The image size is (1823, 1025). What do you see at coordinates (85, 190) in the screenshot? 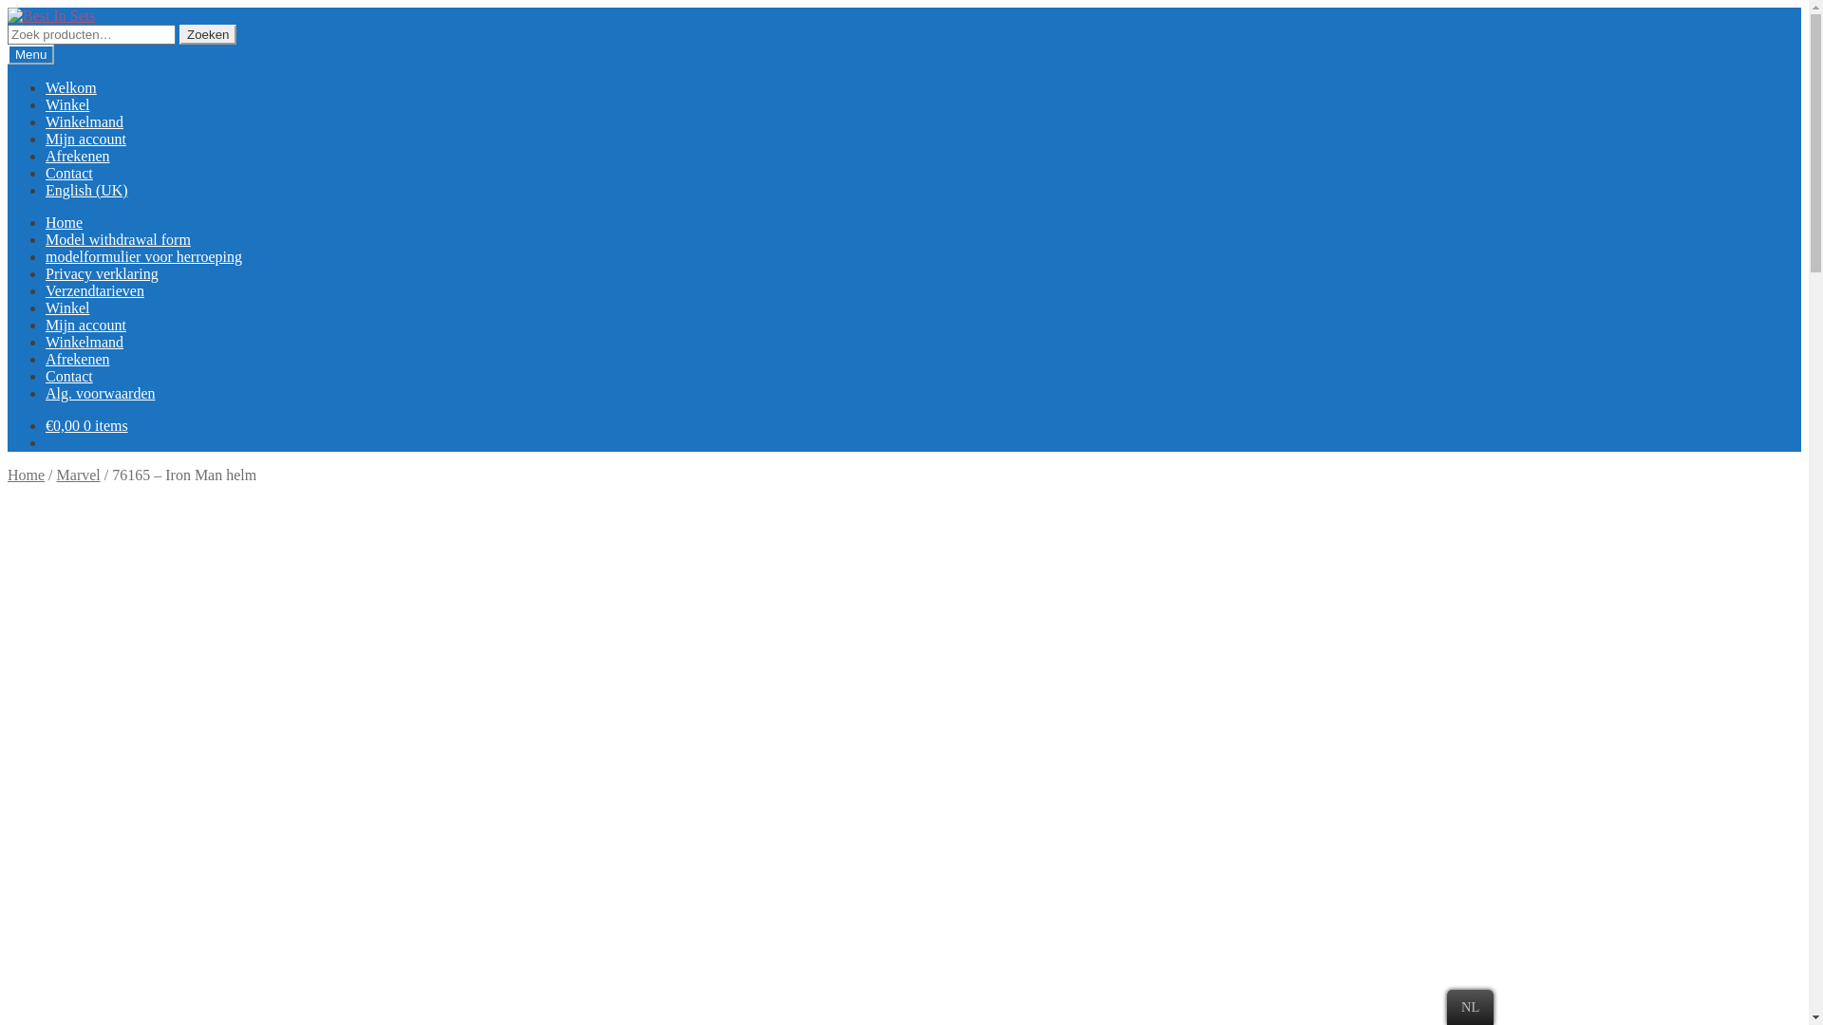
I see `'English (UK)'` at bounding box center [85, 190].